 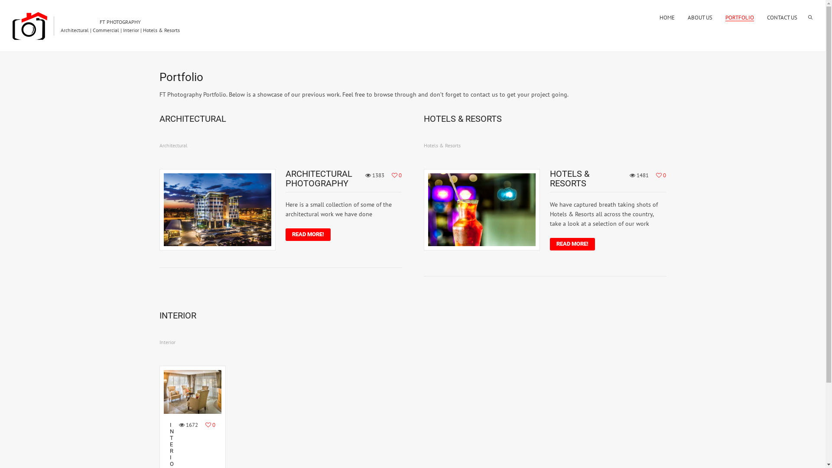 What do you see at coordinates (739, 17) in the screenshot?
I see `'PORTFOLIO'` at bounding box center [739, 17].